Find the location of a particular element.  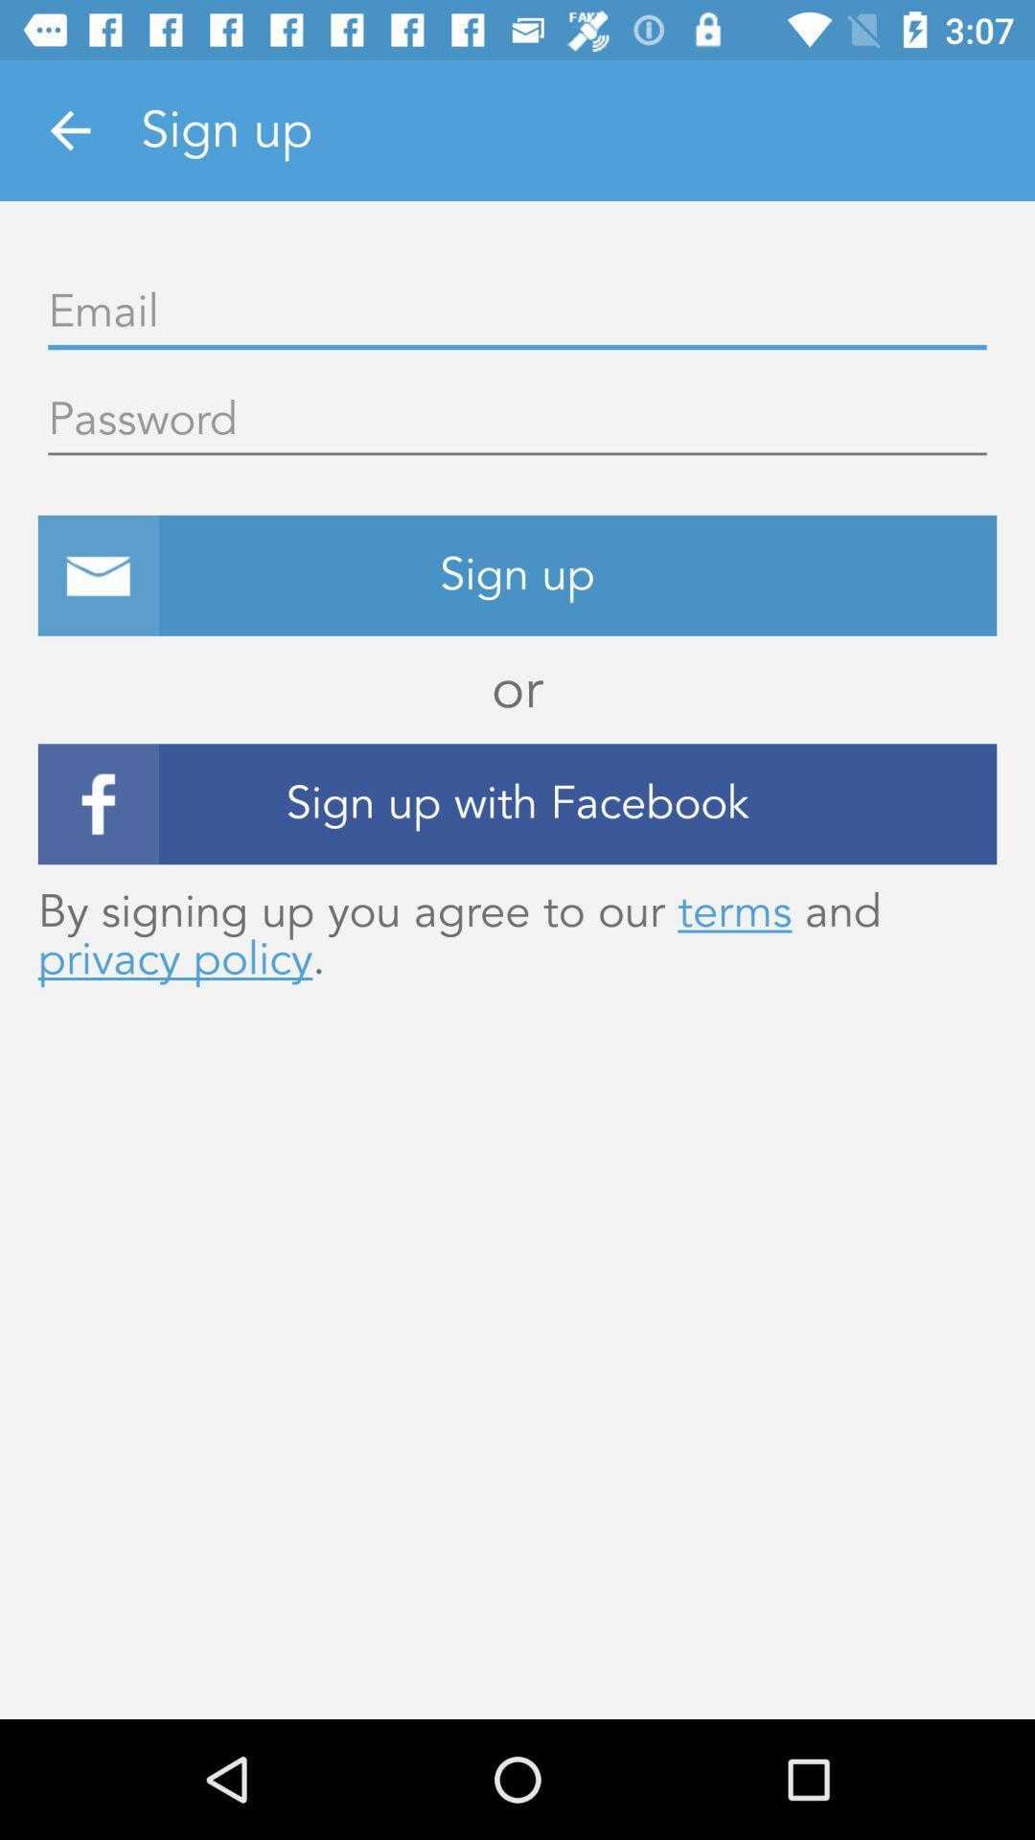

open field for email address is located at coordinates (517, 312).